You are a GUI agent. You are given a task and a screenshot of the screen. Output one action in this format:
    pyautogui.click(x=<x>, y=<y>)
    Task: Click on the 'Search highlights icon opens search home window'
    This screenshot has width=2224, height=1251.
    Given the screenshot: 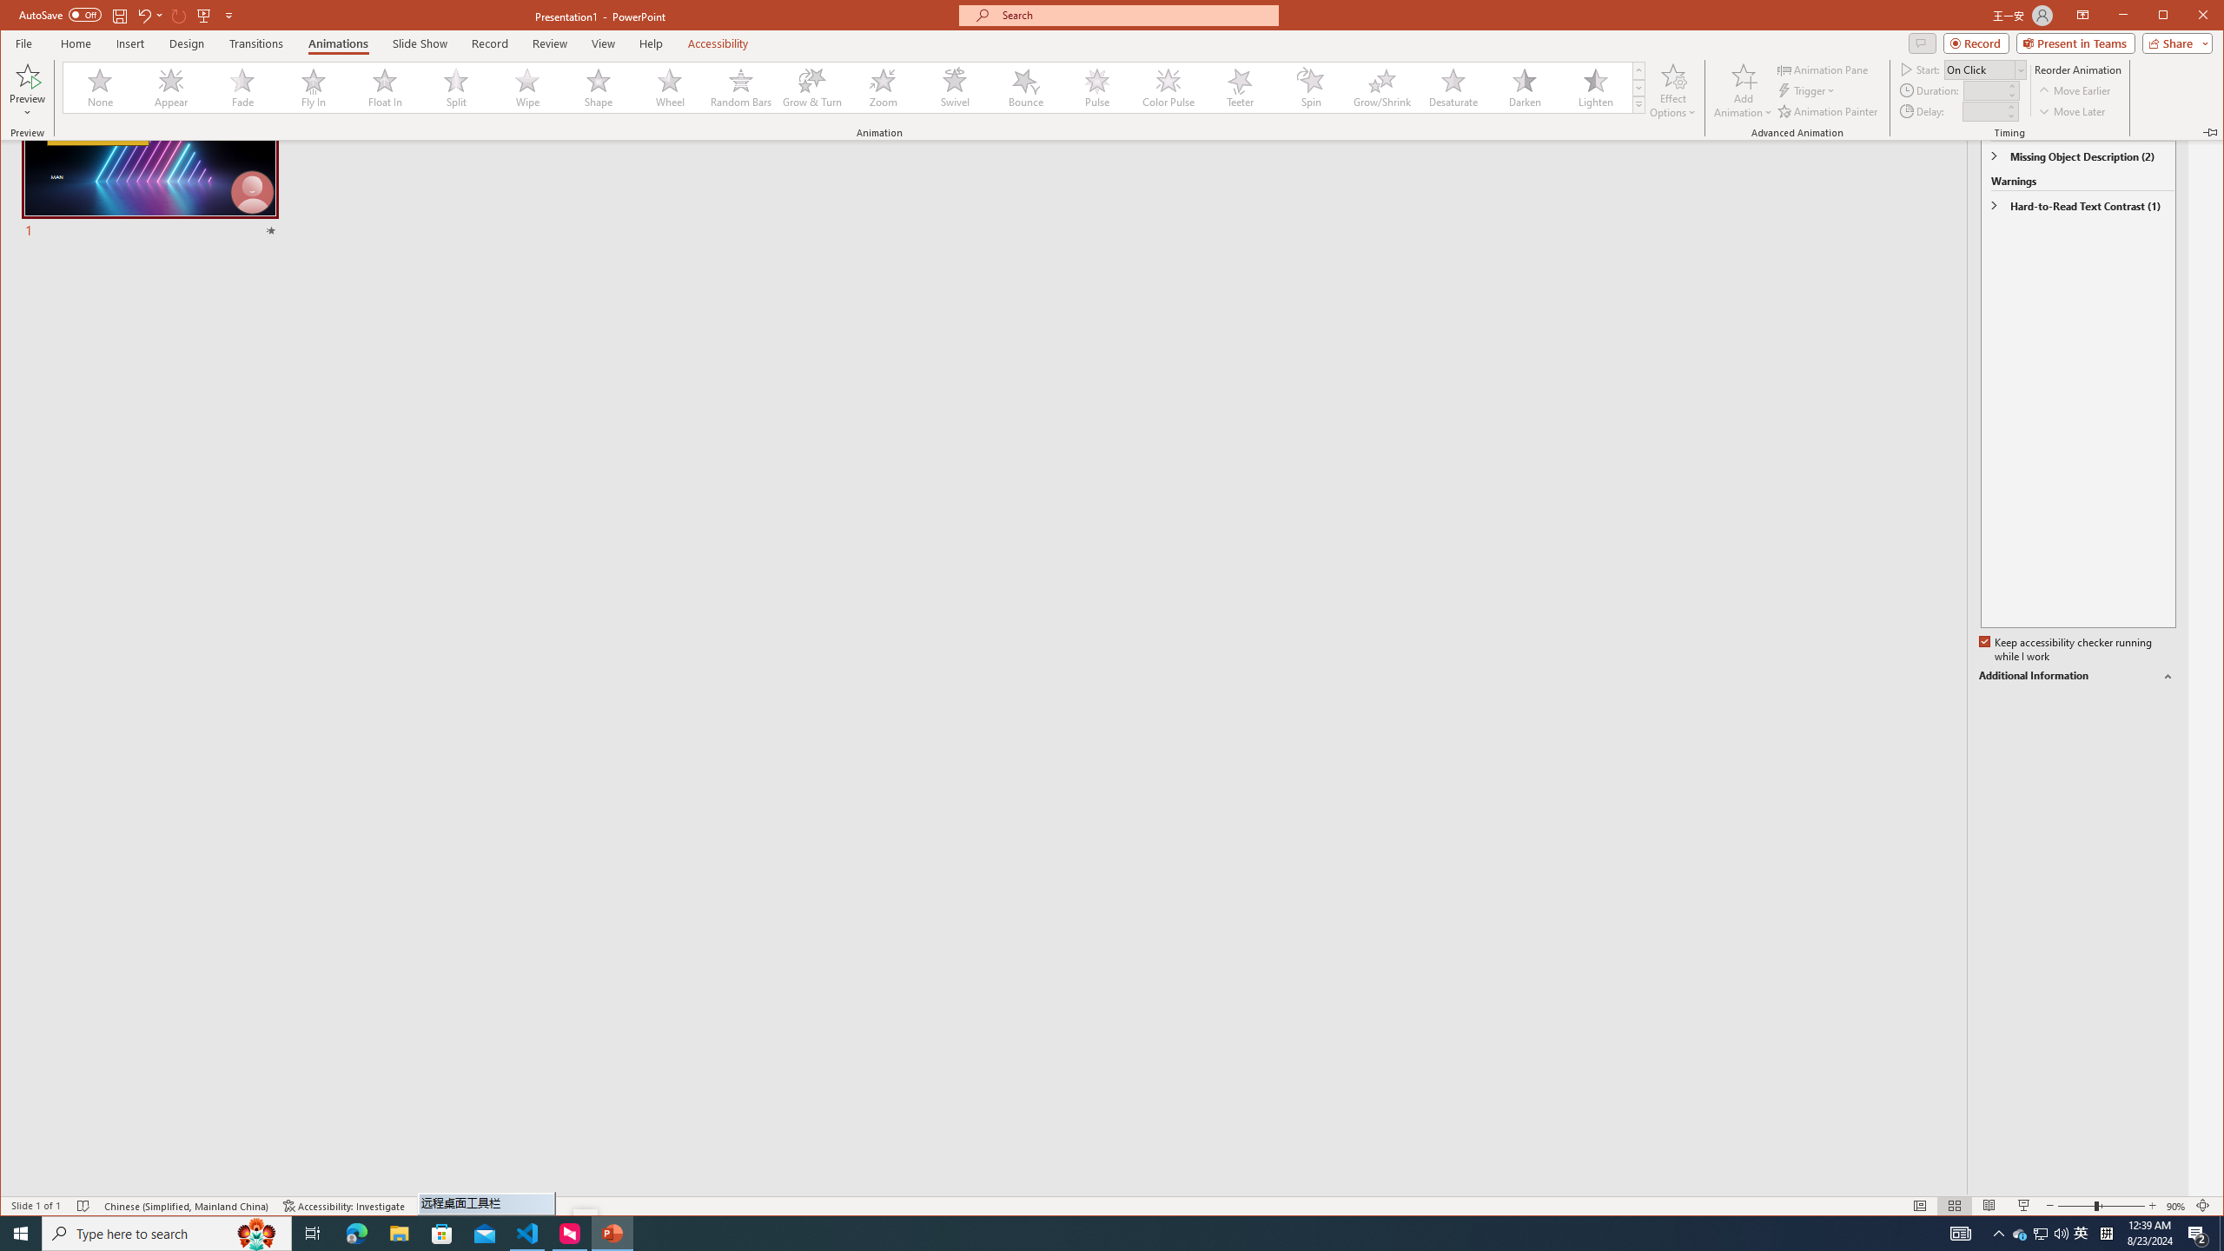 What is the action you would take?
    pyautogui.click(x=255, y=1232)
    